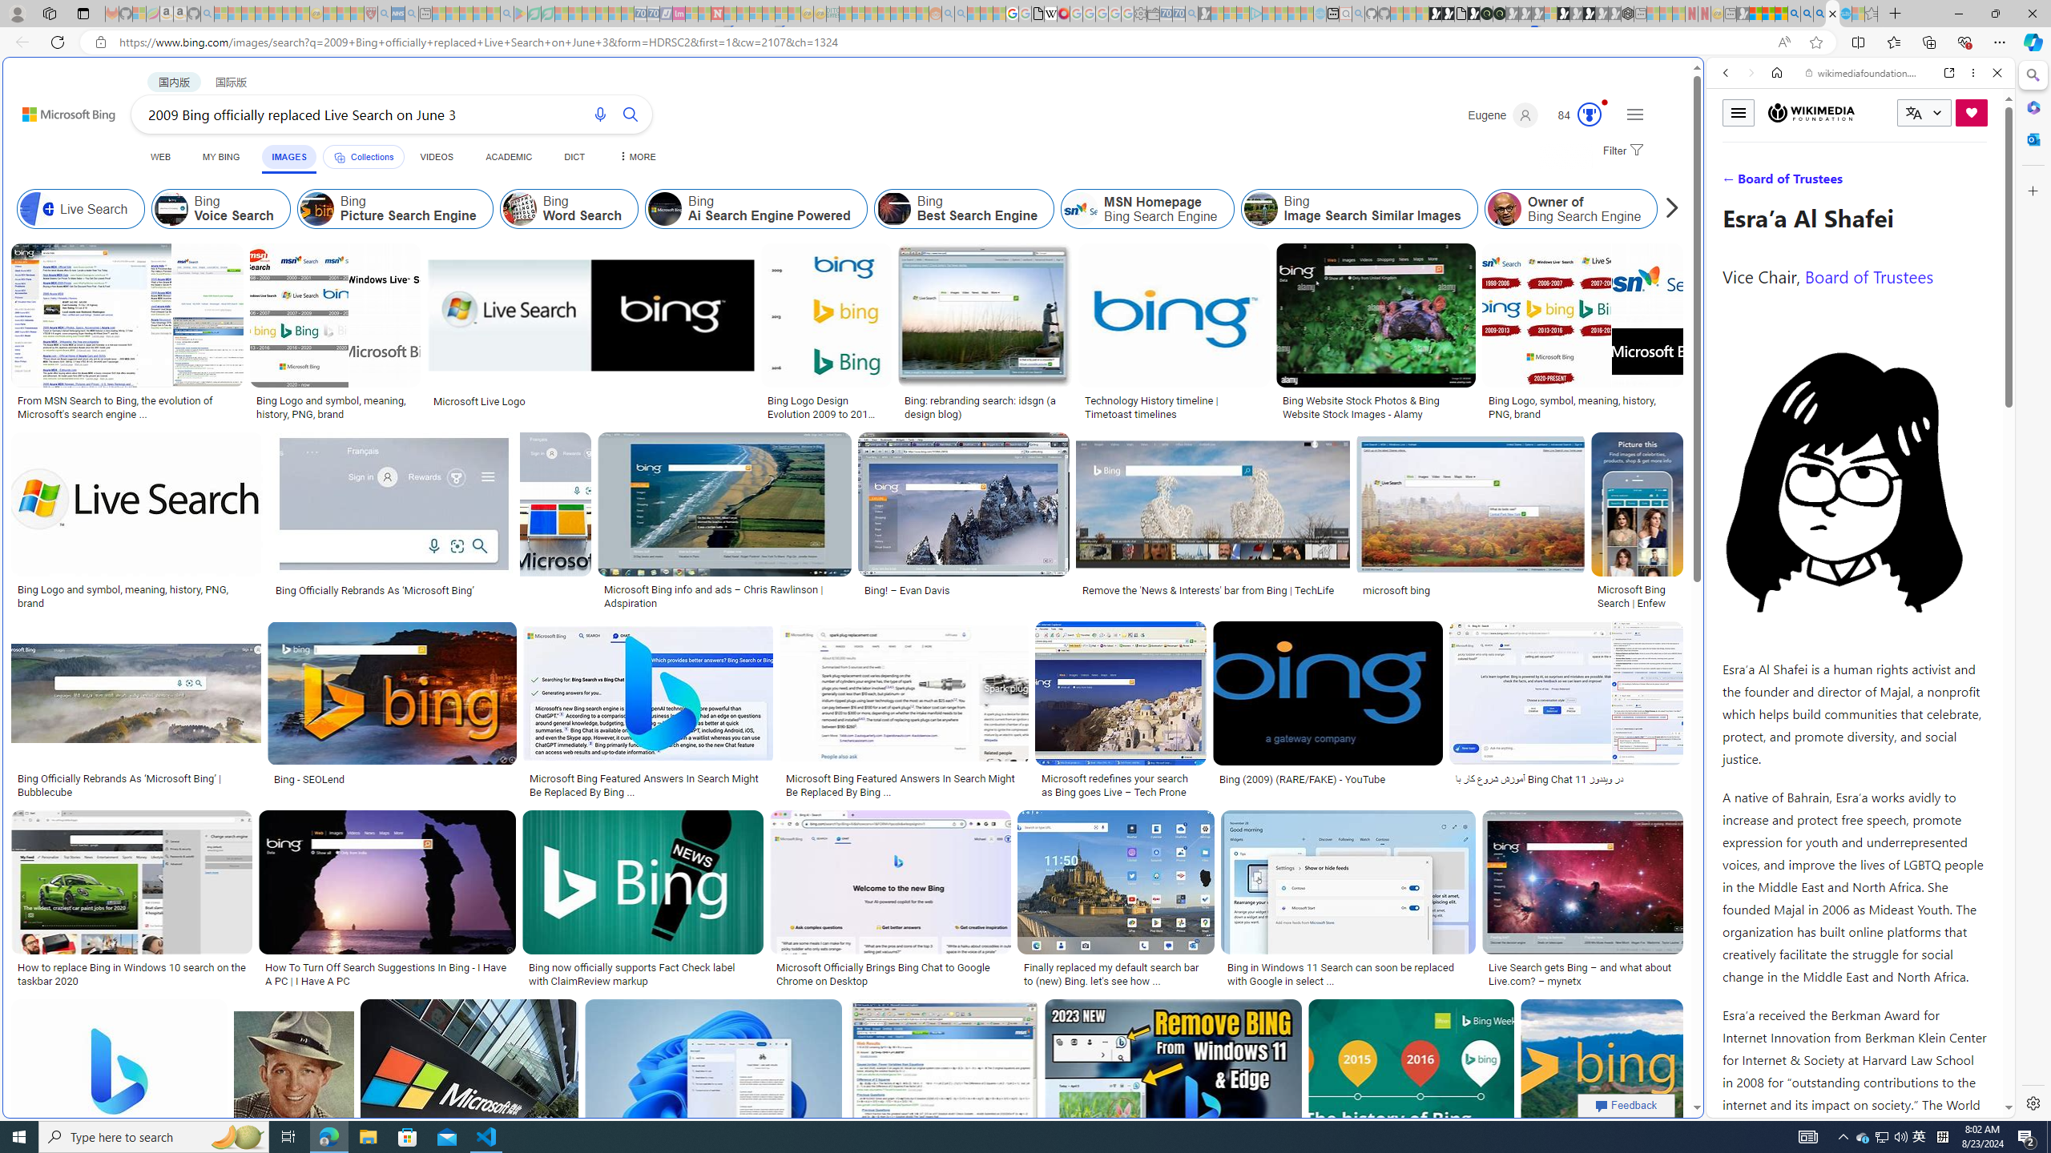 The image size is (2051, 1153). What do you see at coordinates (507, 156) in the screenshot?
I see `'ACADEMIC'` at bounding box center [507, 156].